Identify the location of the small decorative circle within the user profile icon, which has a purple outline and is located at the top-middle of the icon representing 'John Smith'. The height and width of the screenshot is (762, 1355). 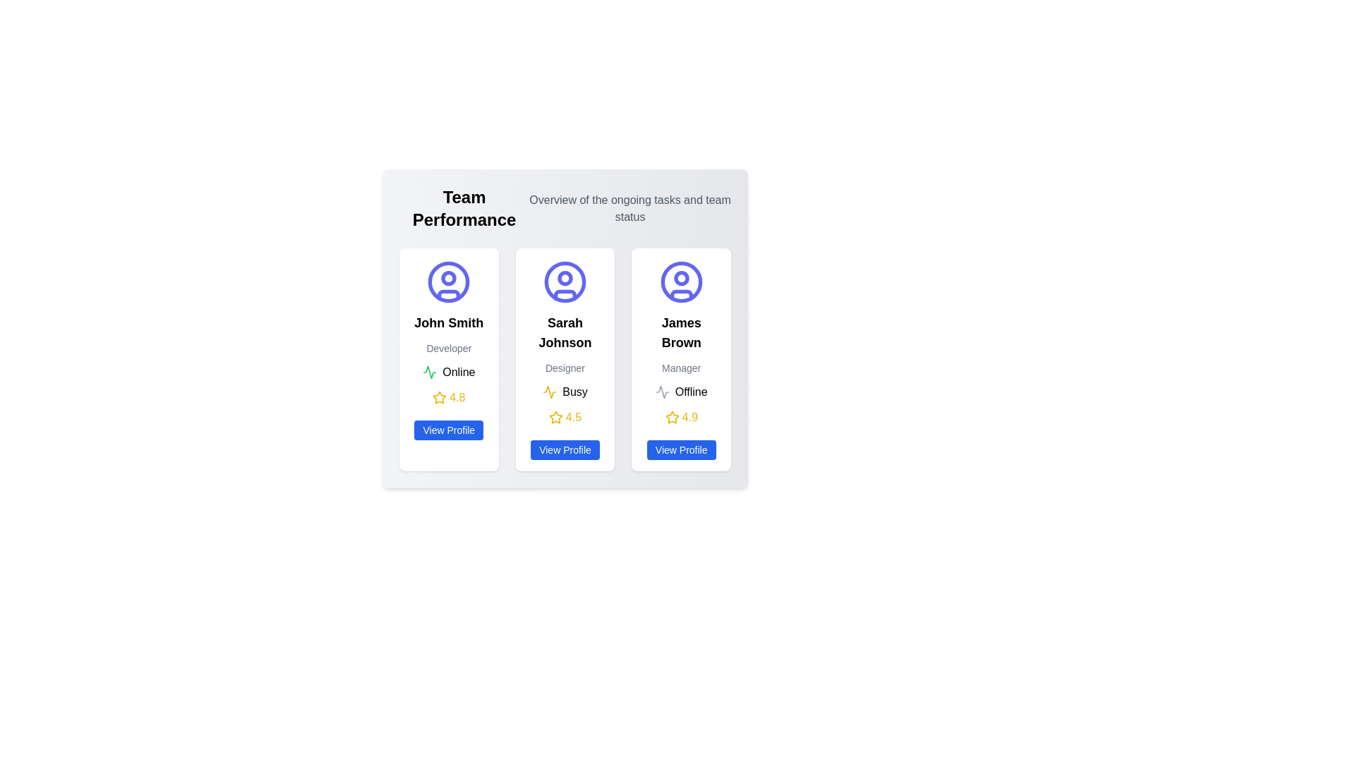
(448, 278).